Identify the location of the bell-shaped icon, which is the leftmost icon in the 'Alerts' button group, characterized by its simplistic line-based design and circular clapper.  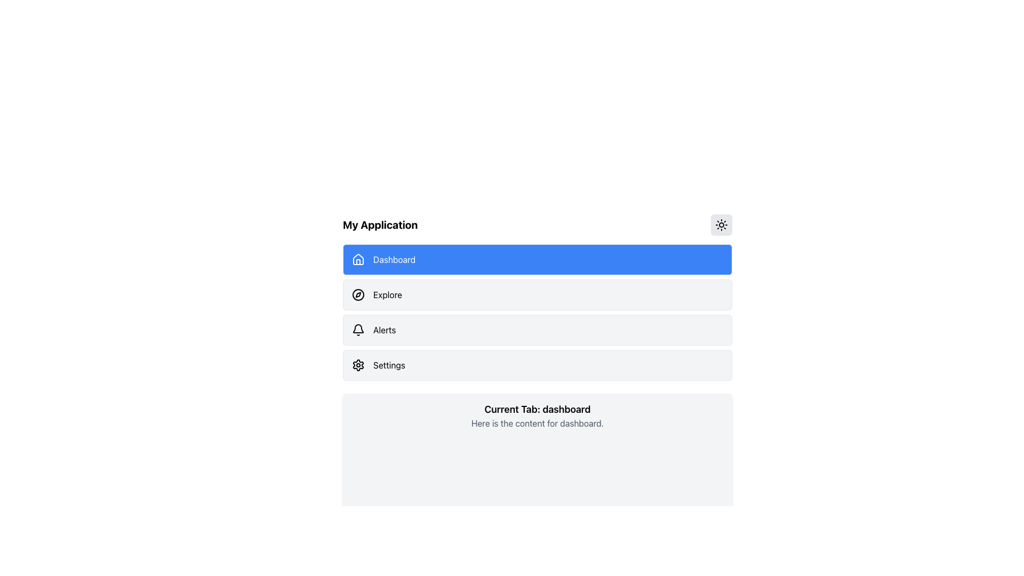
(358, 329).